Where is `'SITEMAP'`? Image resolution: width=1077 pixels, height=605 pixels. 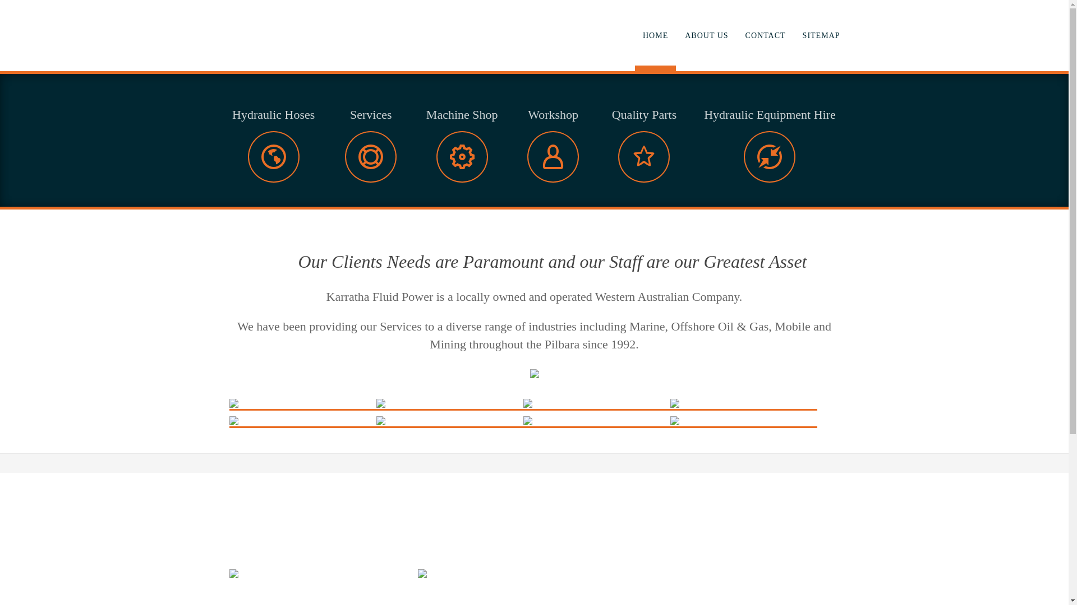 'SITEMAP' is located at coordinates (821, 35).